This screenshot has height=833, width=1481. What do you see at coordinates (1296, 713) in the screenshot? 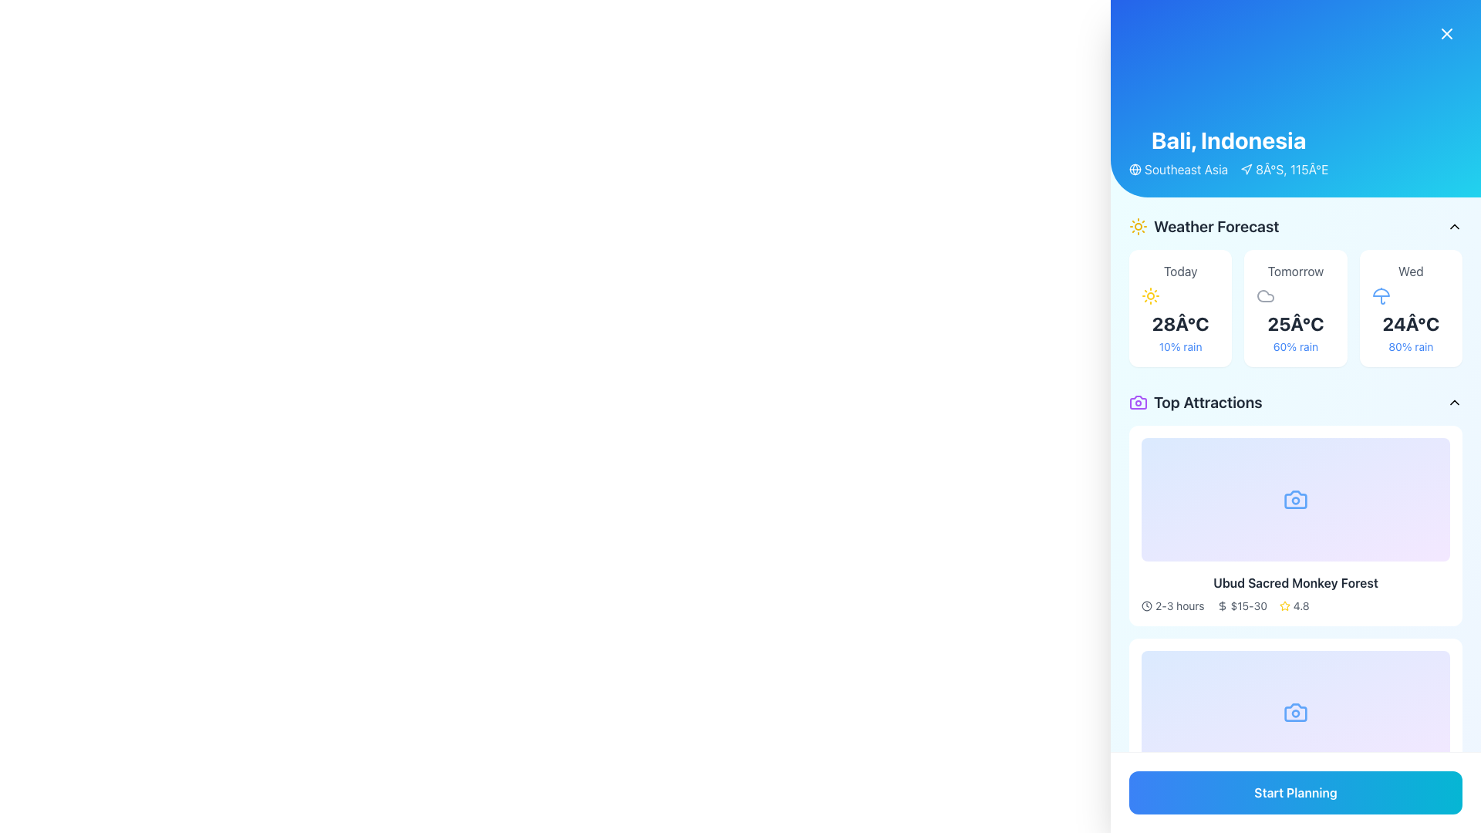
I see `the Decorative card or placeholder element located in the second row under 'Top Attractions', directly below 'Ubud Sacred Monkey Forest', featuring a centered blue camera icon and a gradient background` at bounding box center [1296, 713].